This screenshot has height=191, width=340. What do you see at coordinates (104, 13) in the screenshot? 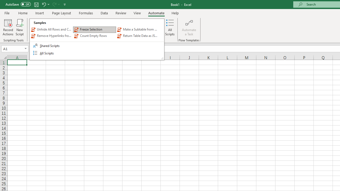
I see `'Data'` at bounding box center [104, 13].